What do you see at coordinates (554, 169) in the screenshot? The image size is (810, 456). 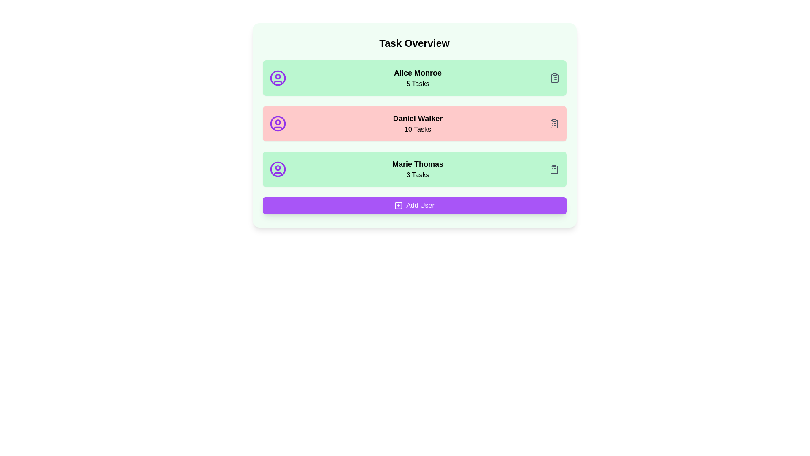 I see `the clipboard icon next to the task count for Marie Thomas` at bounding box center [554, 169].